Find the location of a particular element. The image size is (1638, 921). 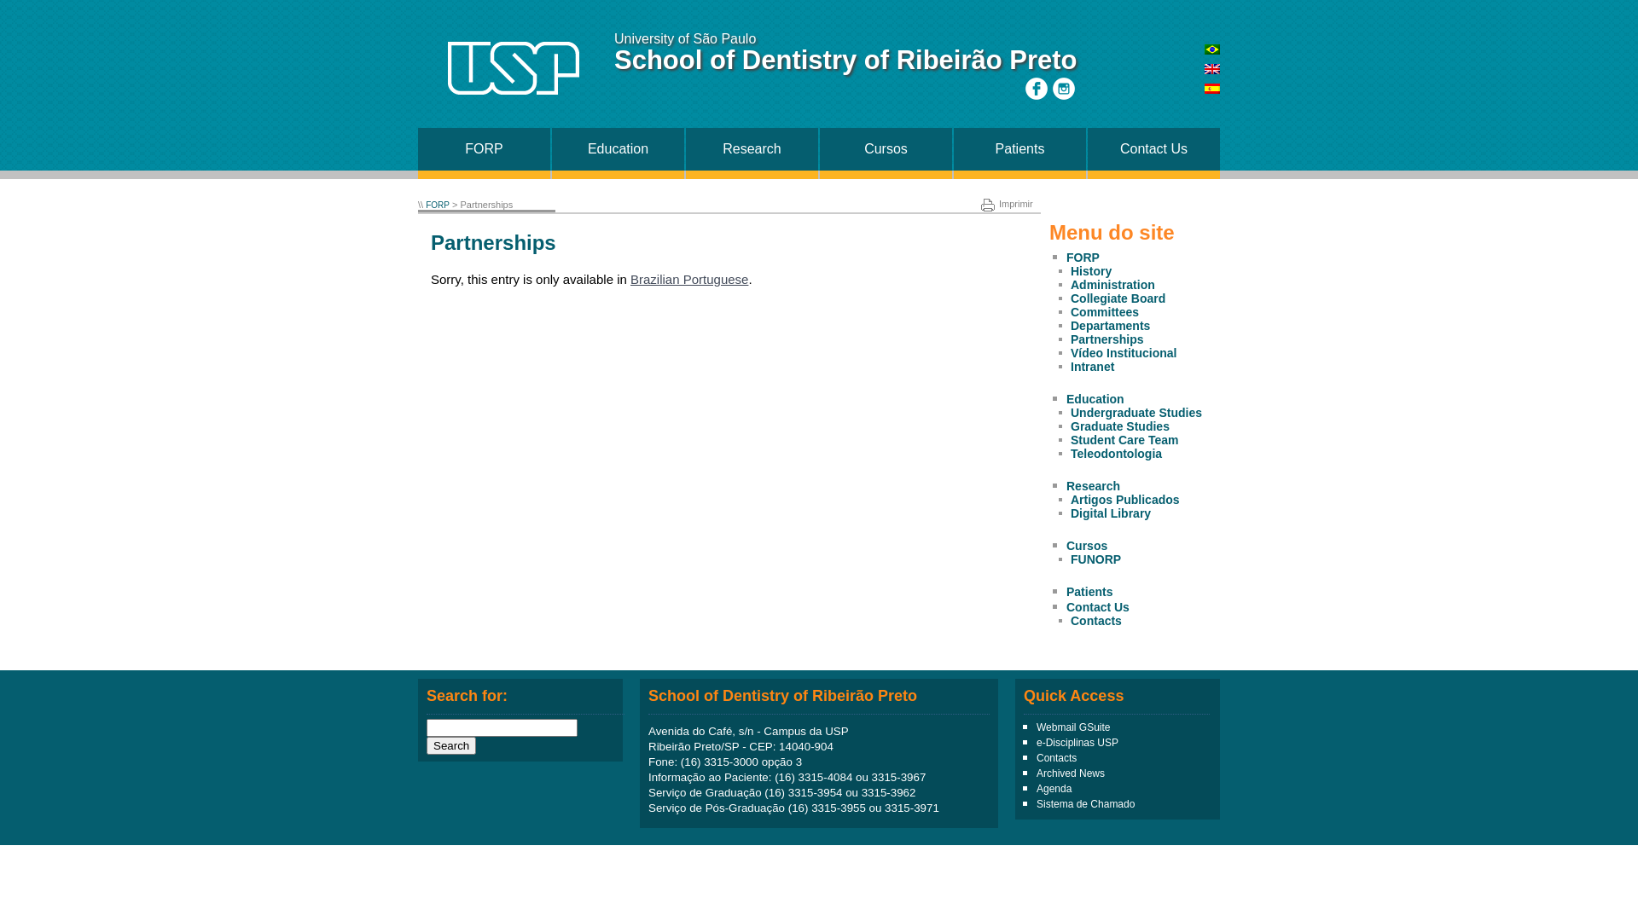

'e-Disciplinas USP' is located at coordinates (1035, 742).